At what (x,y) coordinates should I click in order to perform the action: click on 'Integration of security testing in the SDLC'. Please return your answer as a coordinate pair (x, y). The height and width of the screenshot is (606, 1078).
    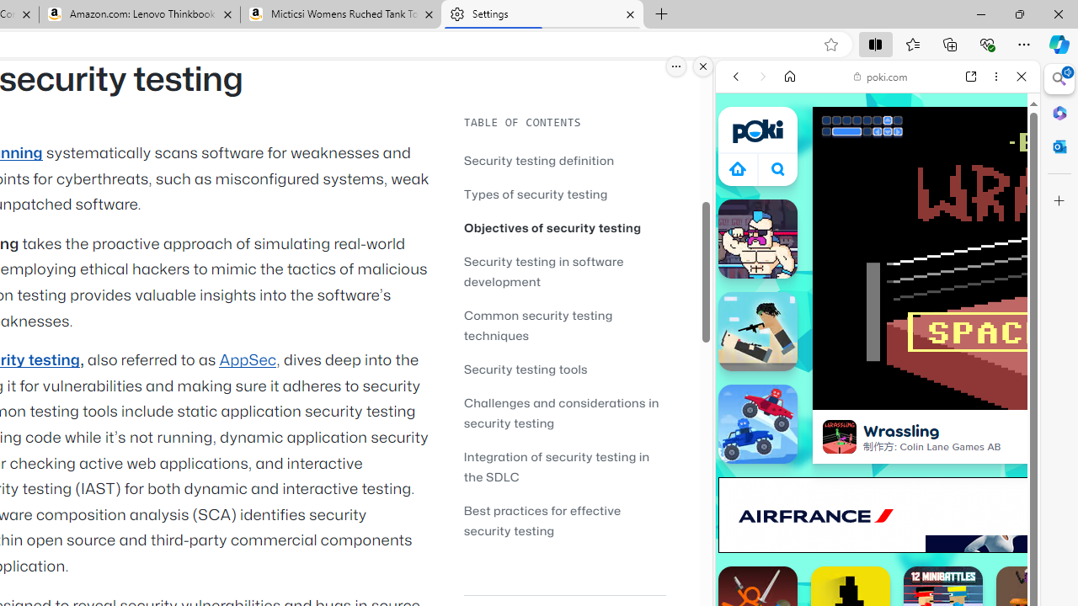
    Looking at the image, I should click on (564, 466).